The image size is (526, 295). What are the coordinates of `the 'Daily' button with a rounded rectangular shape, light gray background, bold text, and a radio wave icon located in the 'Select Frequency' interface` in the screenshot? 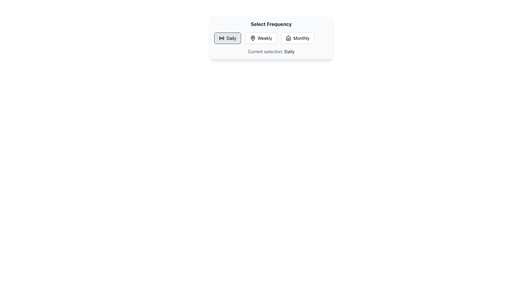 It's located at (227, 38).